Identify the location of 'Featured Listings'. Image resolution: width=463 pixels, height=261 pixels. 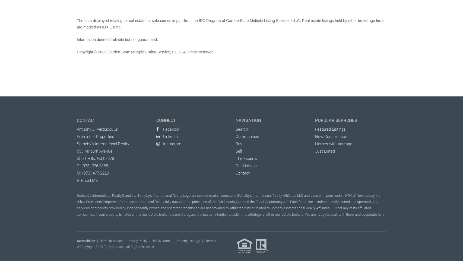
(315, 129).